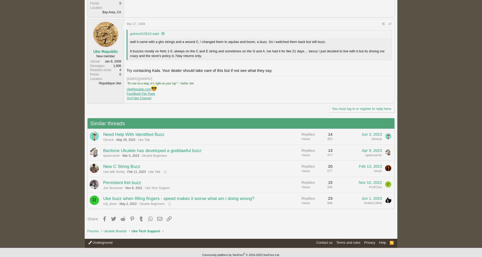 This screenshot has width=482, height=257. Describe the element at coordinates (145, 34) in the screenshot. I see `'gotrice415510 said:'` at that location.